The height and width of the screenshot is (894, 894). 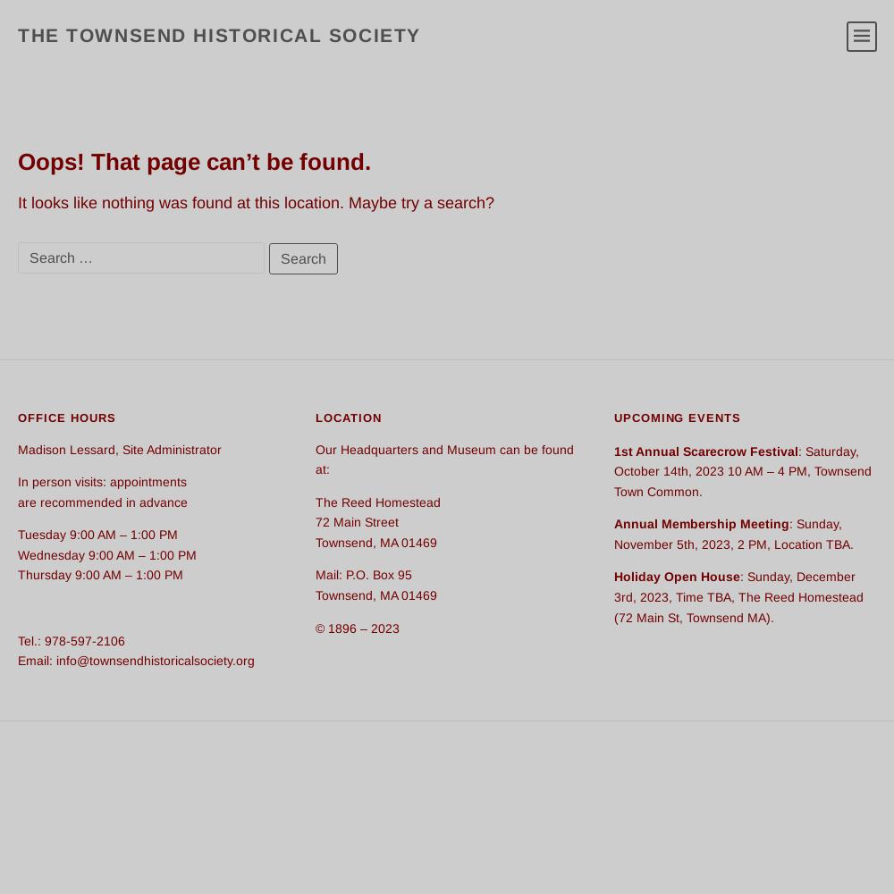 What do you see at coordinates (18, 35) in the screenshot?
I see `'The Townsend Historical Society'` at bounding box center [18, 35].